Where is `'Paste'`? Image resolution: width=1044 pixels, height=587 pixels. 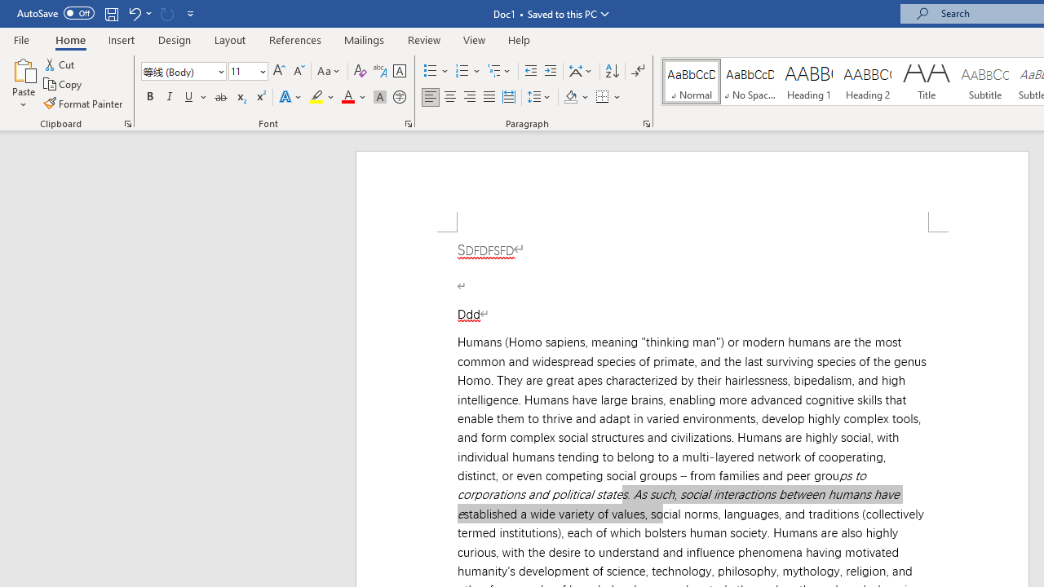
'Paste' is located at coordinates (23, 84).